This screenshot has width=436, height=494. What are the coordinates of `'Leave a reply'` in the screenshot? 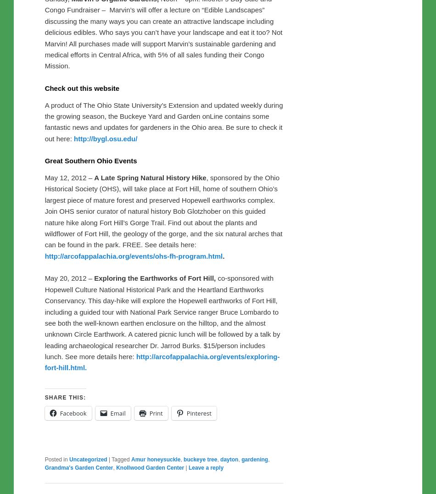 It's located at (205, 467).